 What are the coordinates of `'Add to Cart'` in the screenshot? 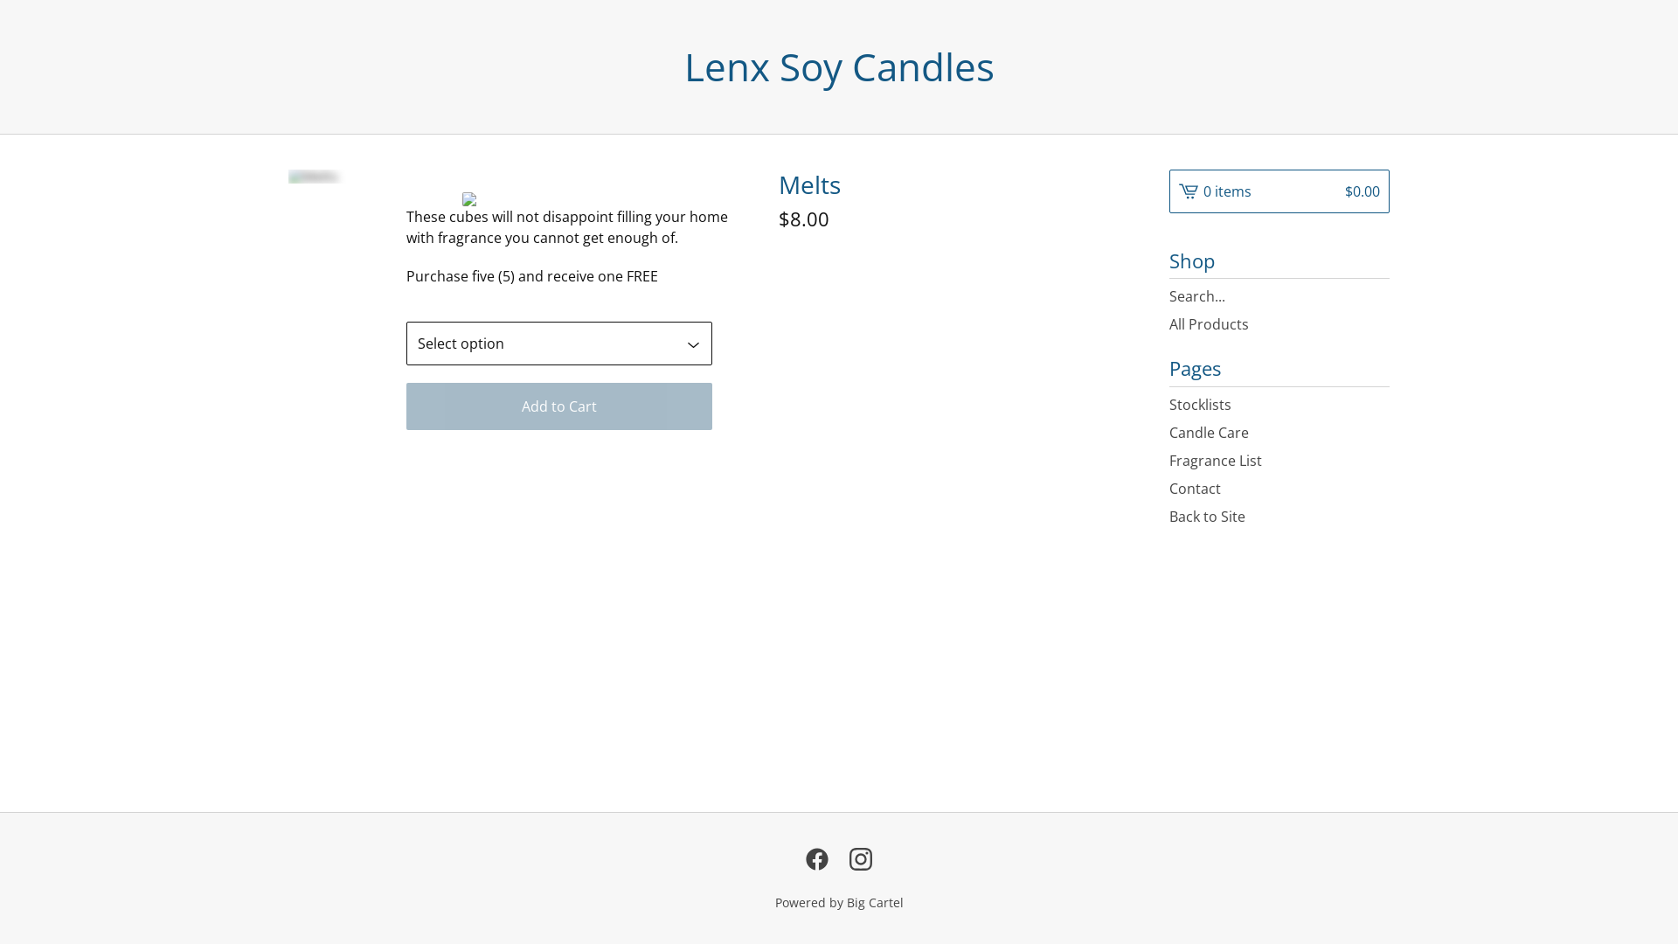 It's located at (558, 406).